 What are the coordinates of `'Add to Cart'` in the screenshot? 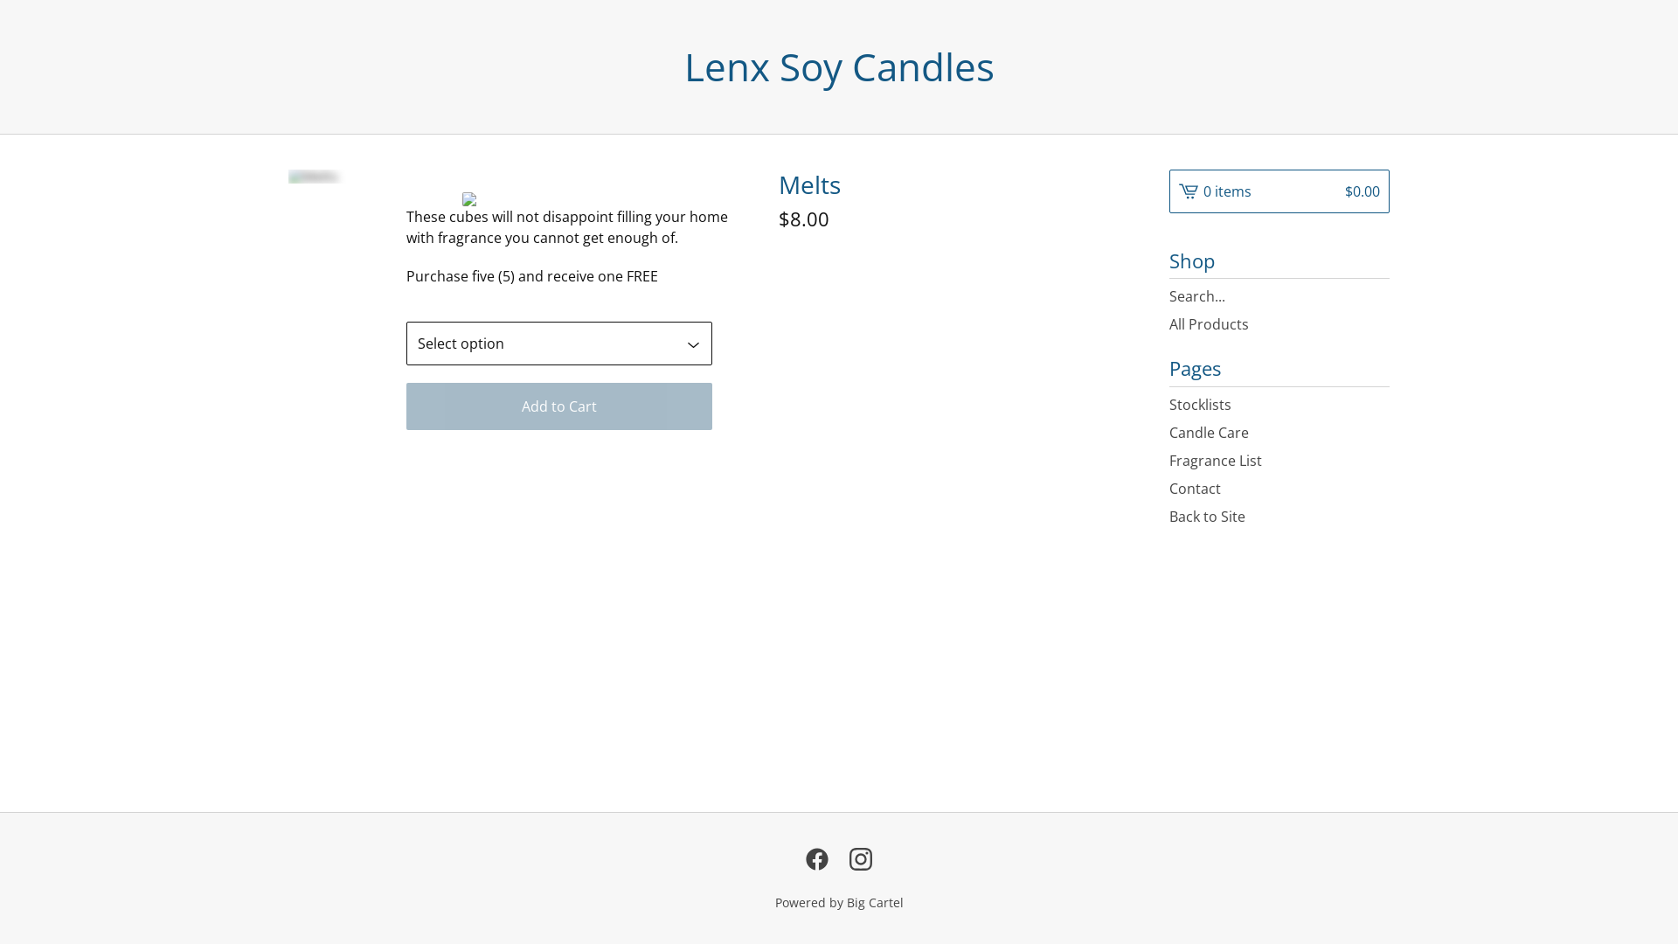 It's located at (558, 406).